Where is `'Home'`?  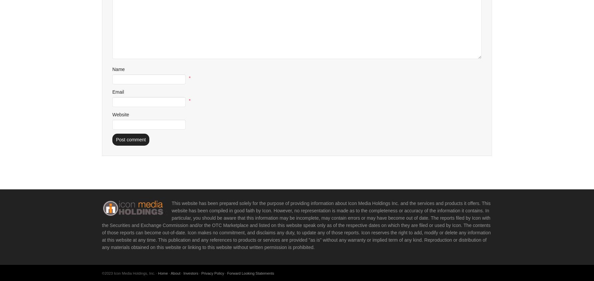
'Home' is located at coordinates (162, 273).